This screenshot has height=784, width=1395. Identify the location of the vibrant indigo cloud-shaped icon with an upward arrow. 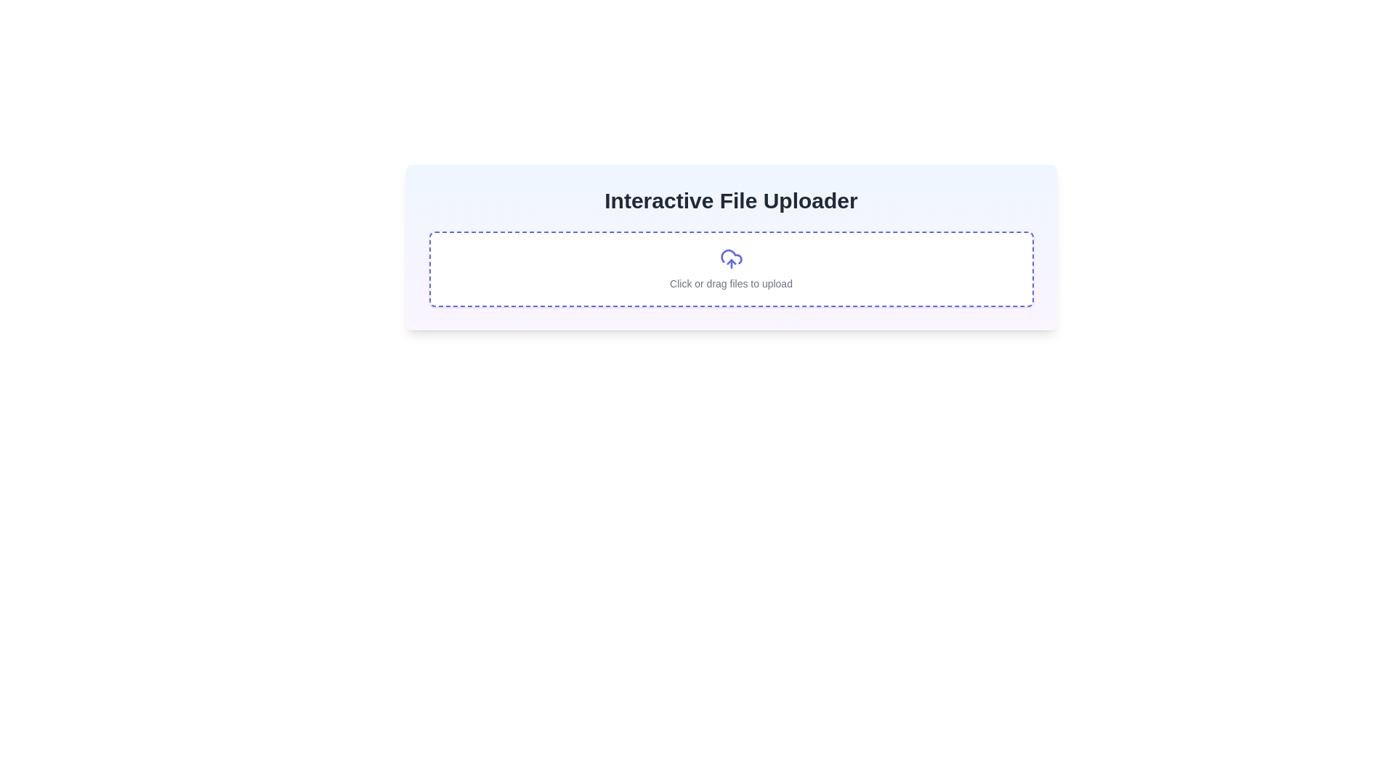
(731, 258).